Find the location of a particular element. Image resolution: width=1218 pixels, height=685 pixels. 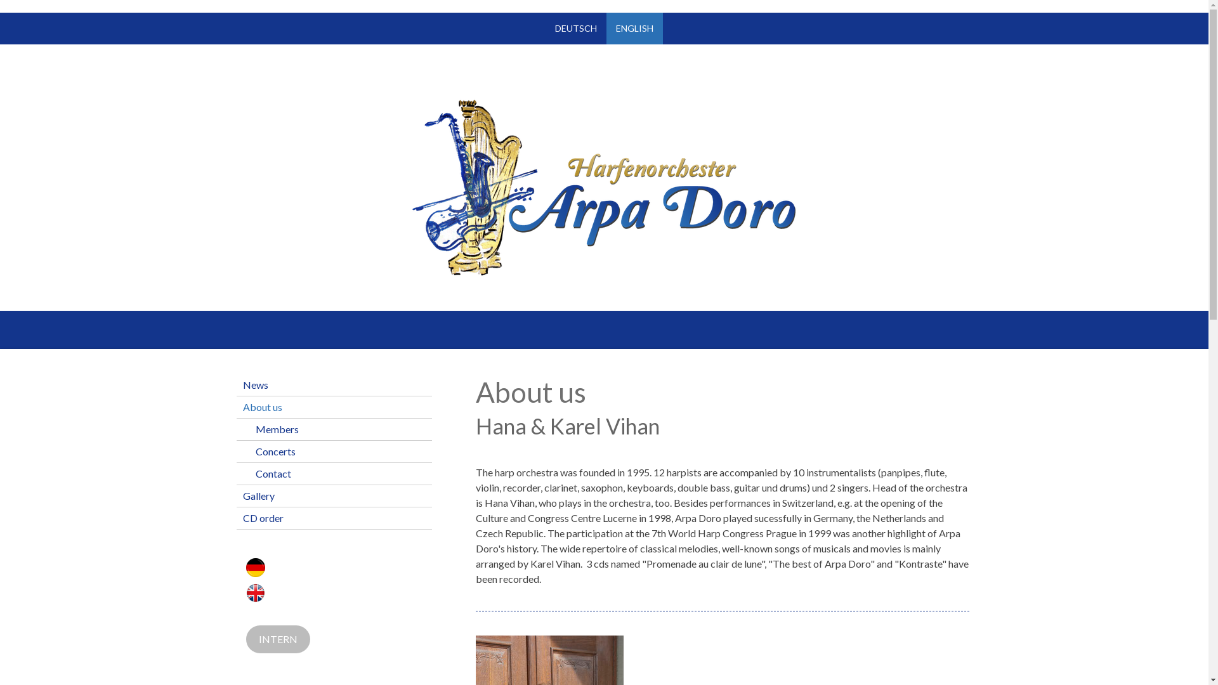

'DEUTSCH' is located at coordinates (575, 29).